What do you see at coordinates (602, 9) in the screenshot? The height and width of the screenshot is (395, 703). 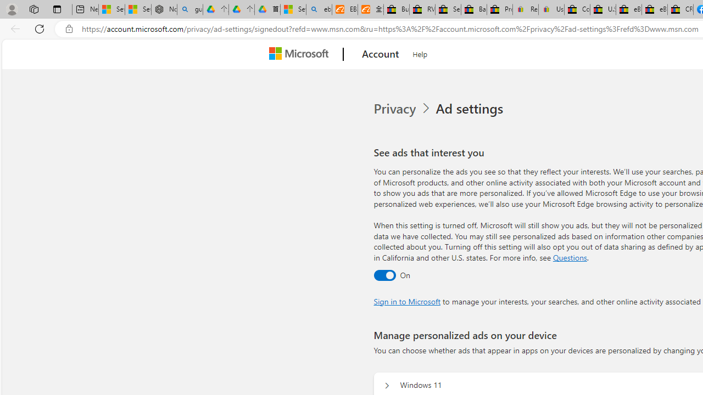 I see `'U.S. State Privacy Disclosures - eBay Inc.'` at bounding box center [602, 9].